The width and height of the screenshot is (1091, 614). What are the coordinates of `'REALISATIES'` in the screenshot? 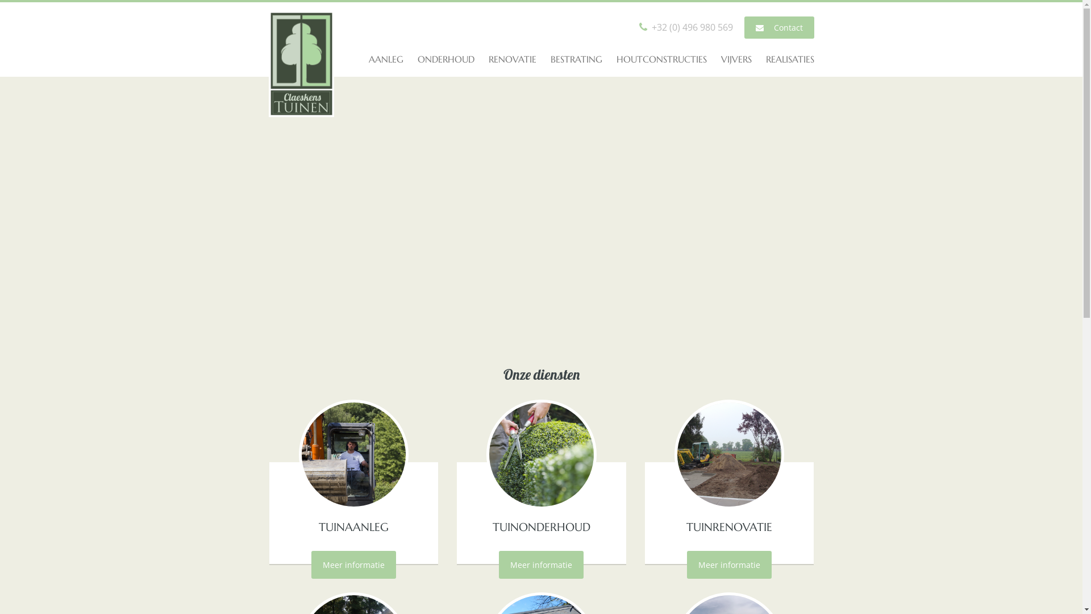 It's located at (789, 59).